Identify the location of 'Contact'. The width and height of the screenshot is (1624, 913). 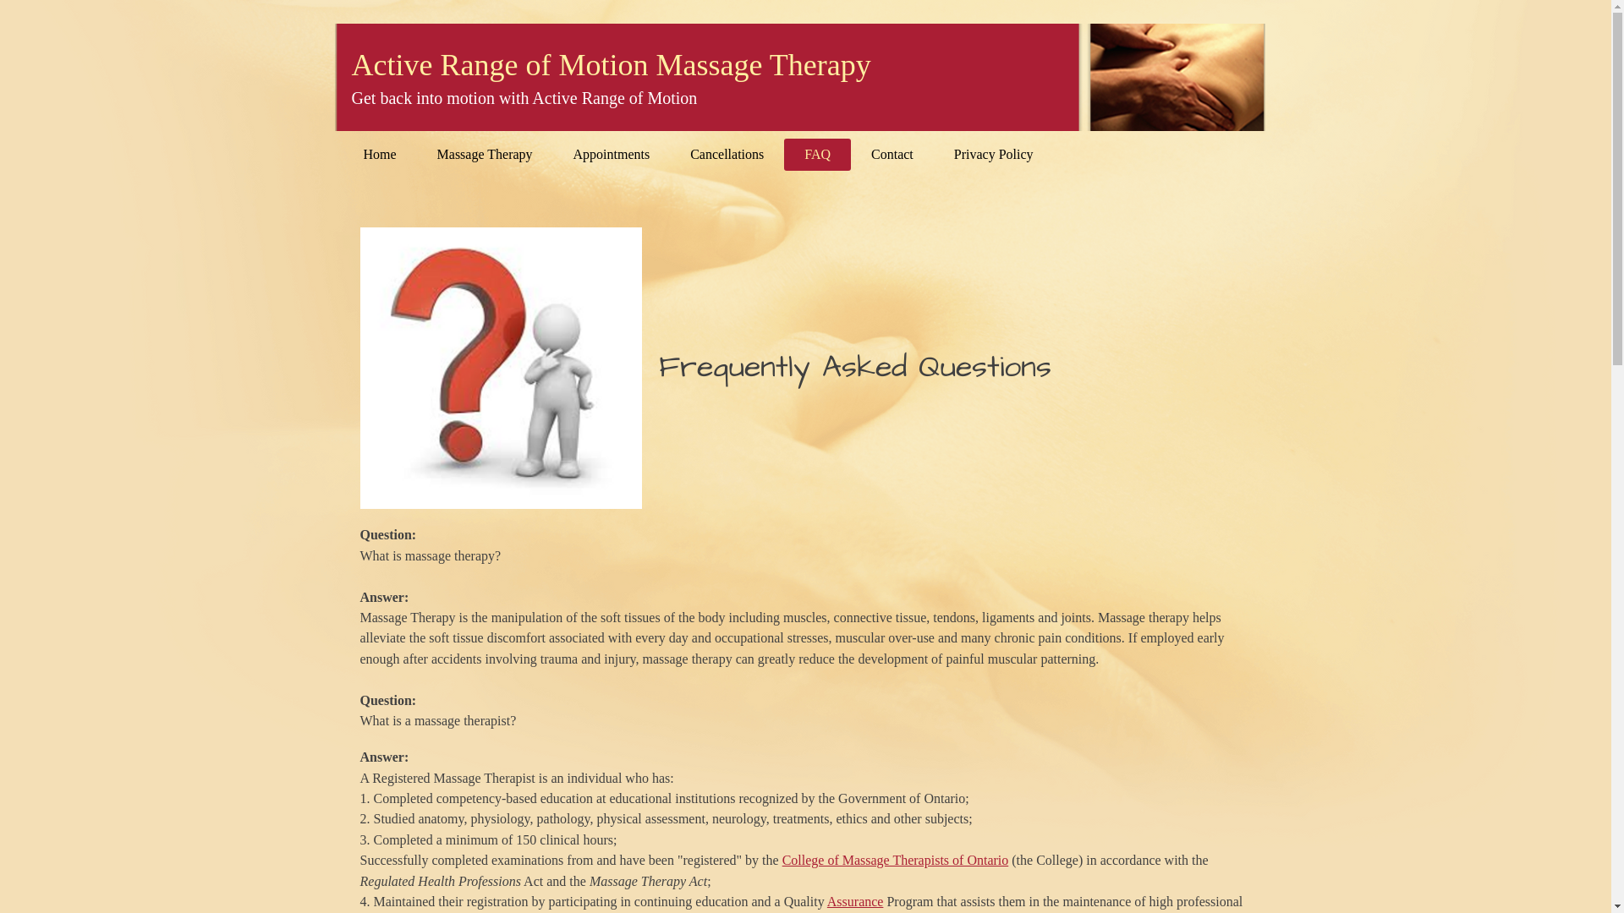
(892, 154).